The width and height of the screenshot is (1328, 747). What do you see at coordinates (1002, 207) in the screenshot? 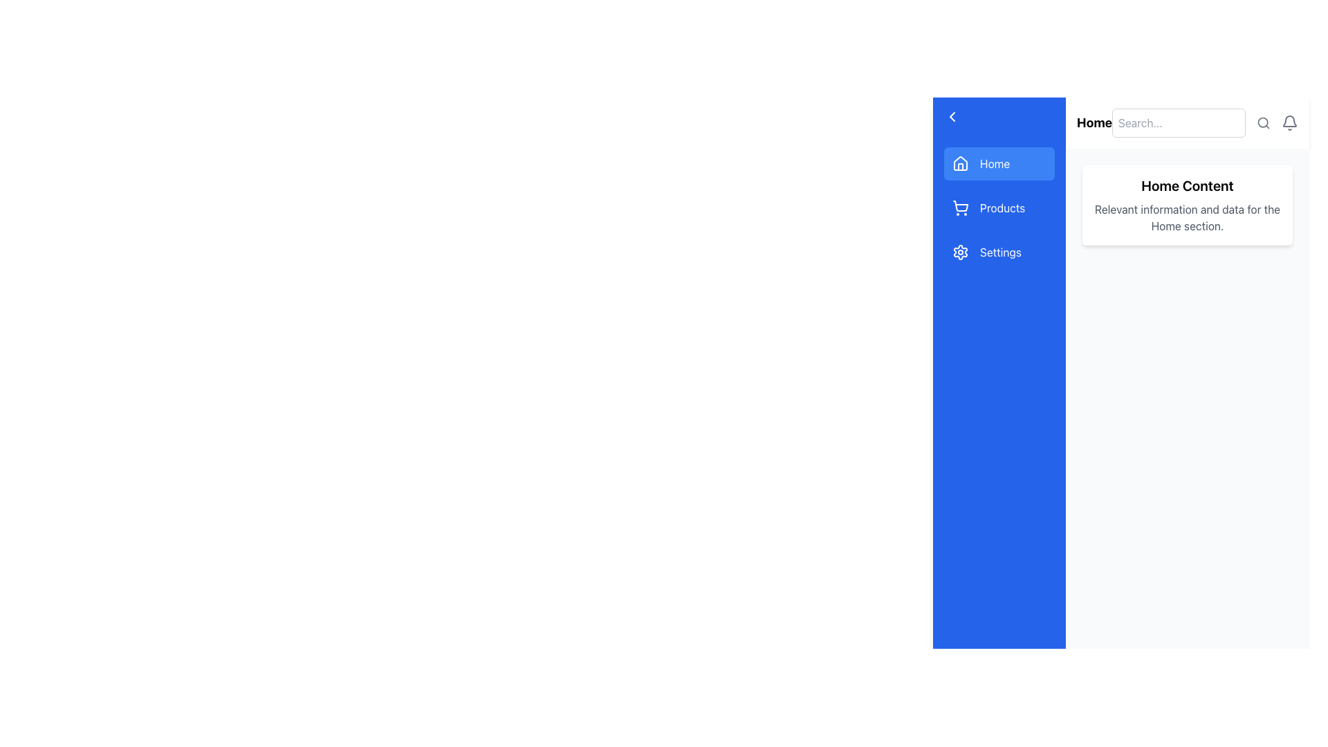
I see `the 'Products' text label in the sidebar navigation menu to interact visually with it` at bounding box center [1002, 207].